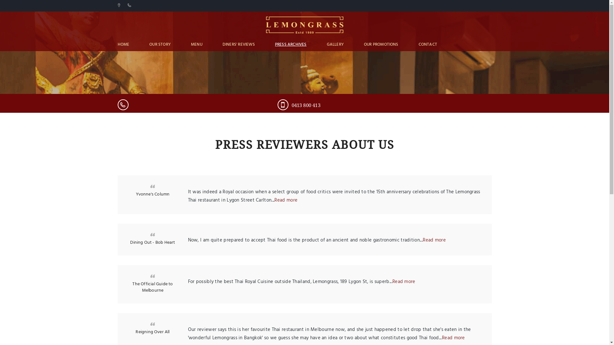 This screenshot has height=345, width=614. I want to click on 'Read more', so click(442, 337).